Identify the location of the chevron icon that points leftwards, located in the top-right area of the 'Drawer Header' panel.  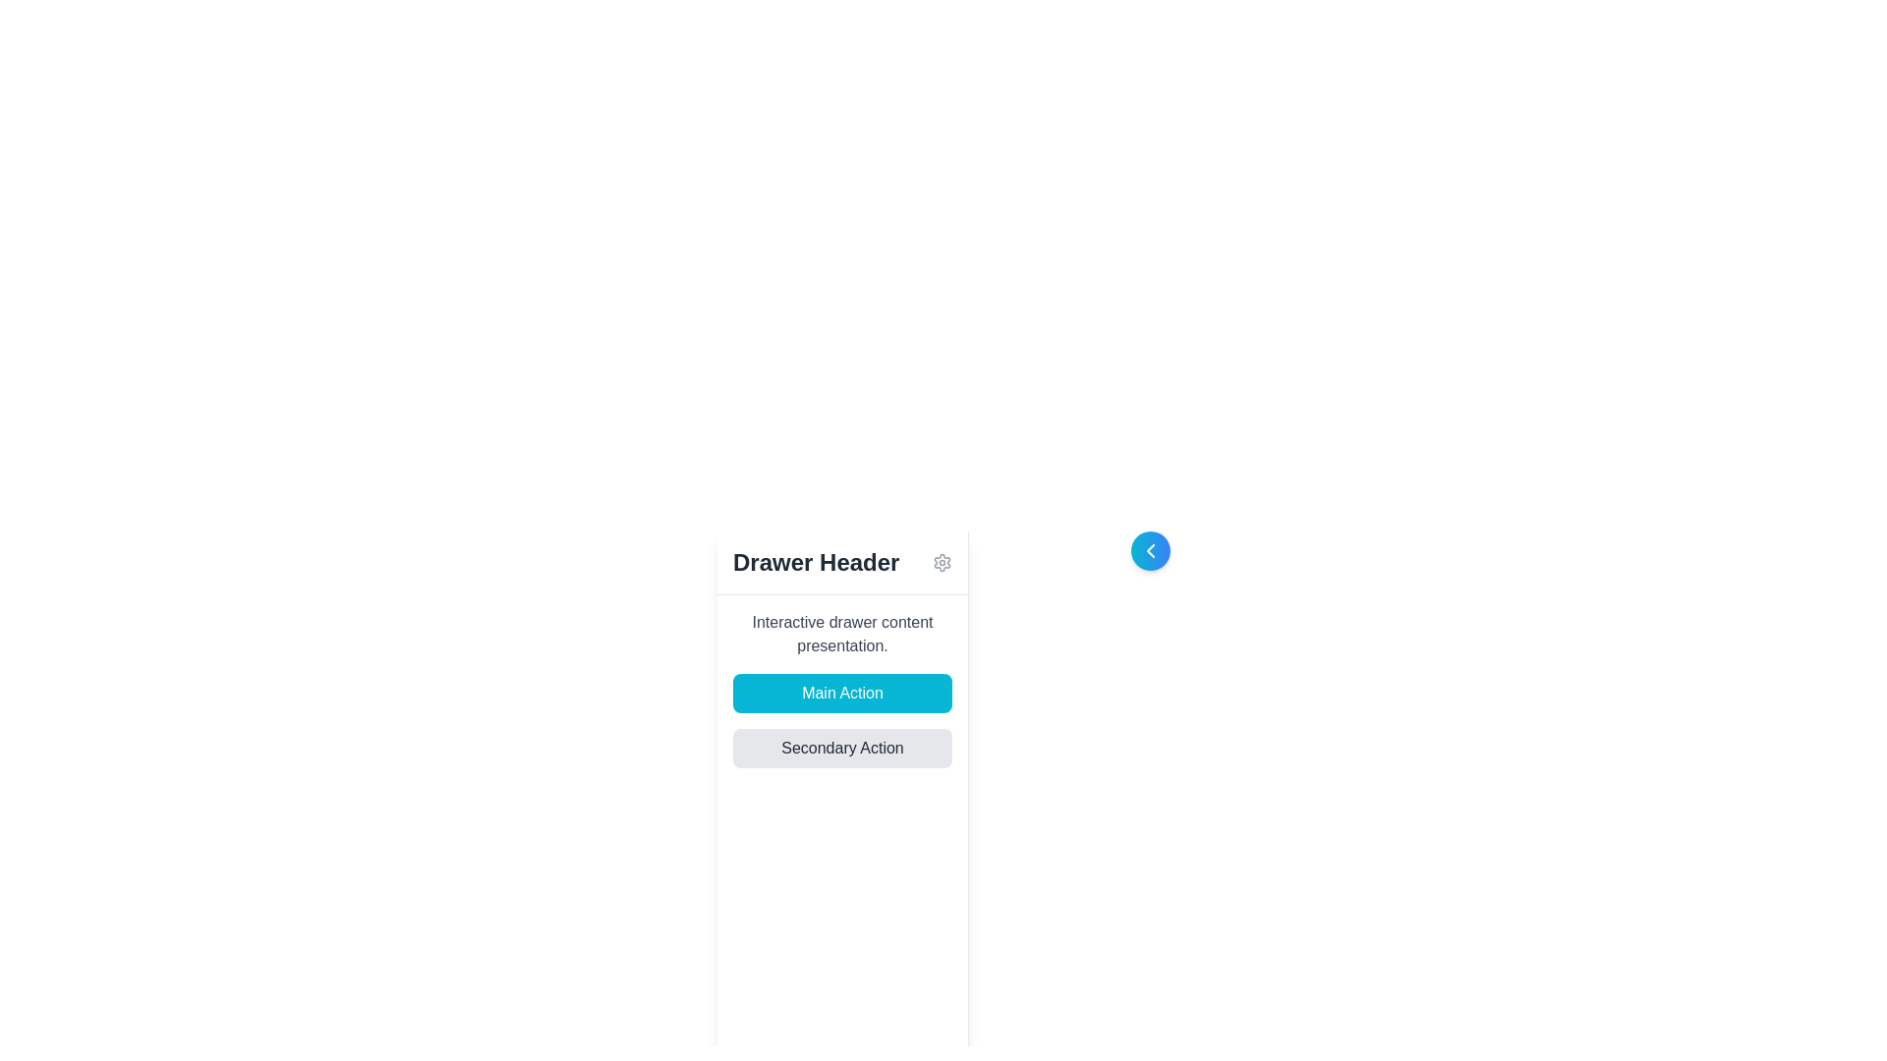
(1150, 550).